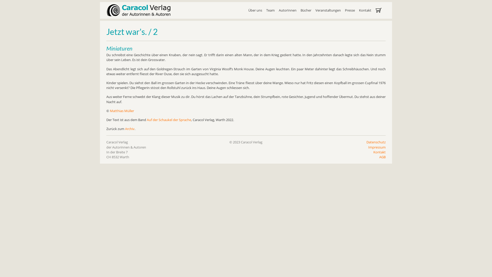 The width and height of the screenshot is (492, 277). I want to click on 'Auf der Schaukel der Sprache', so click(169, 120).